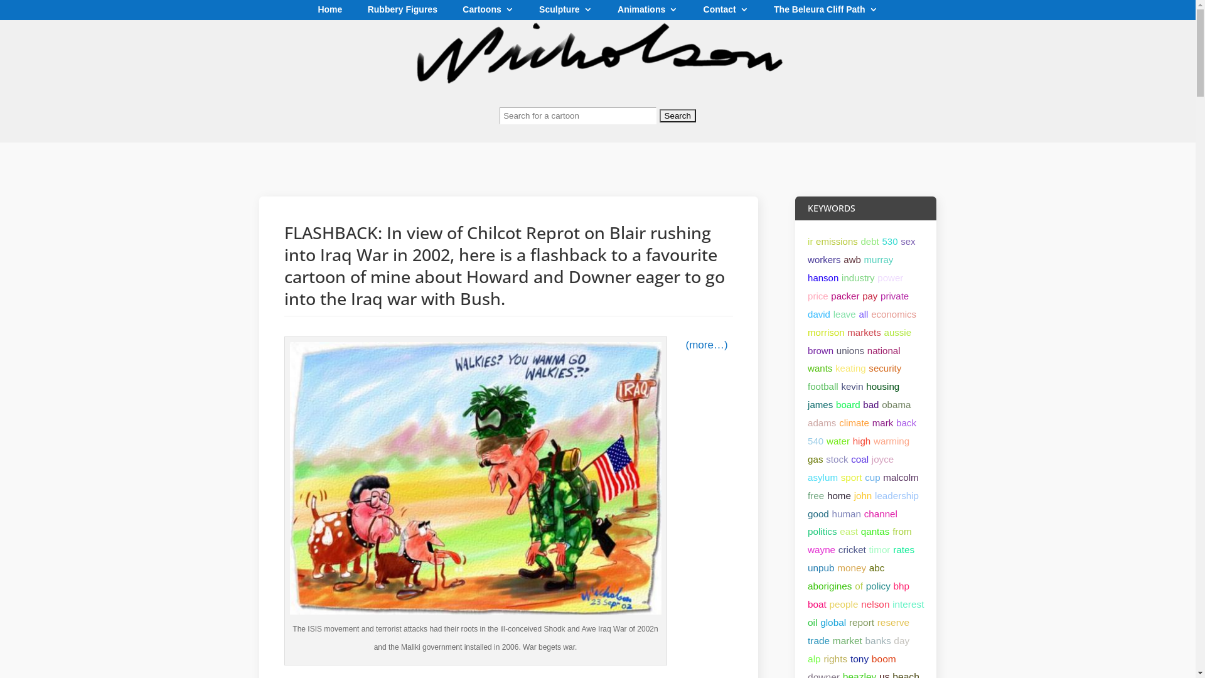 The image size is (1205, 678). I want to click on 'emissions', so click(837, 241).